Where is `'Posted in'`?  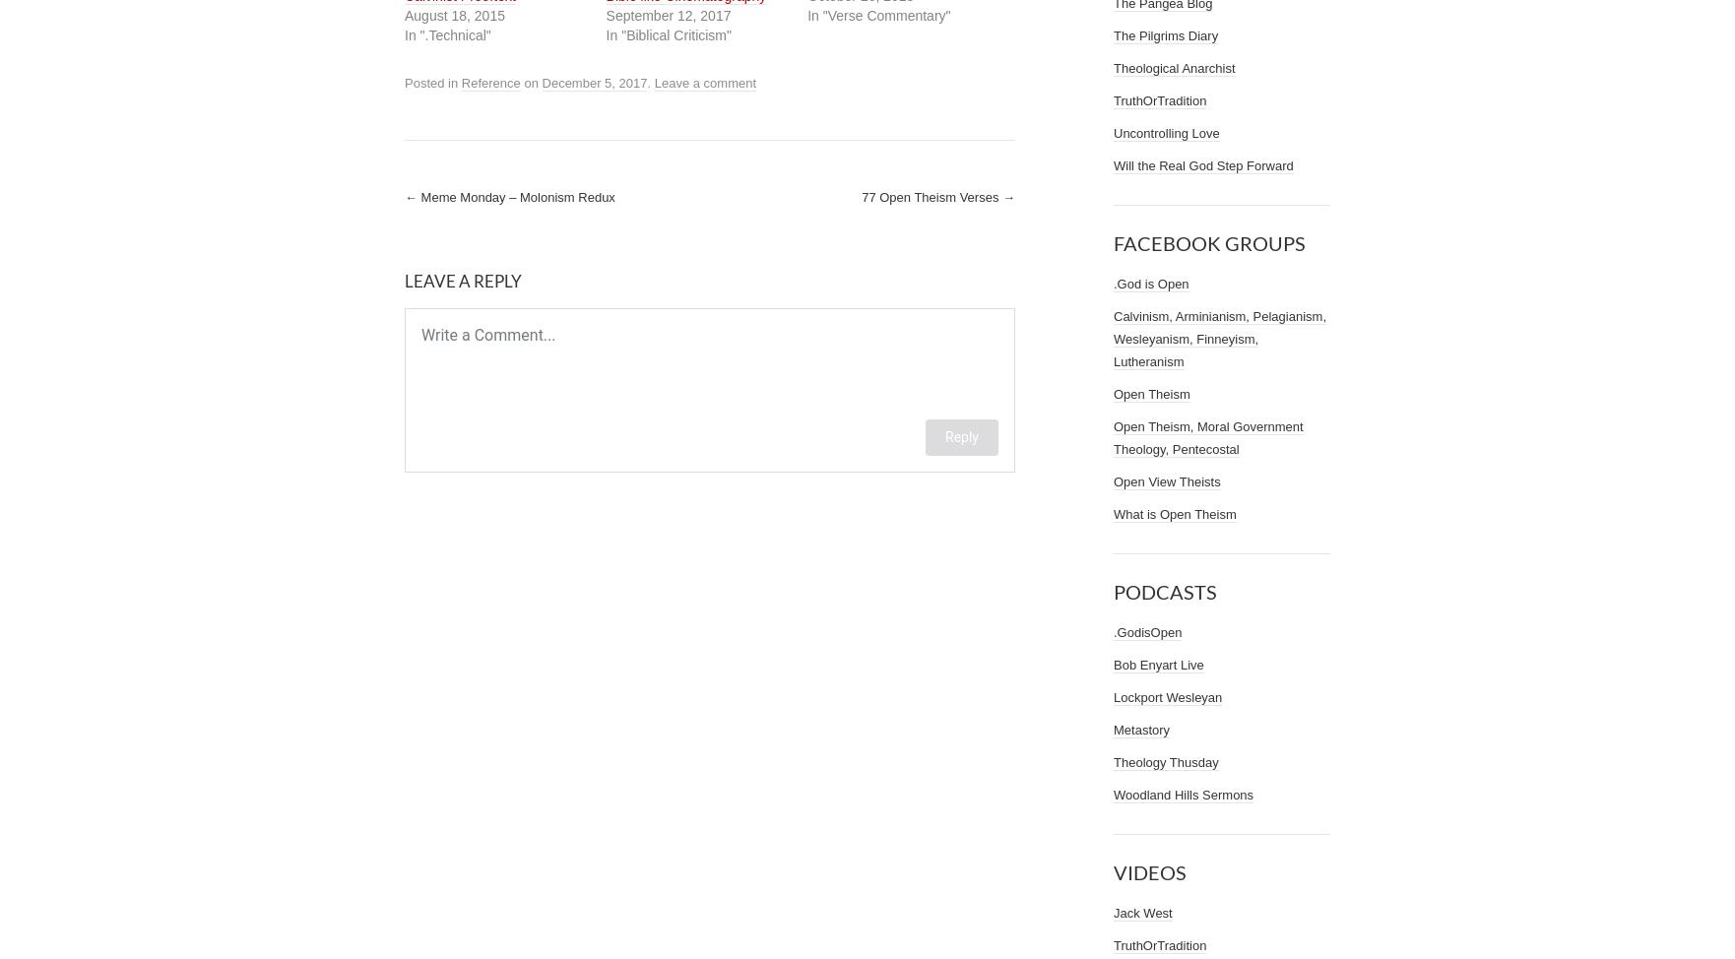 'Posted in' is located at coordinates (432, 81).